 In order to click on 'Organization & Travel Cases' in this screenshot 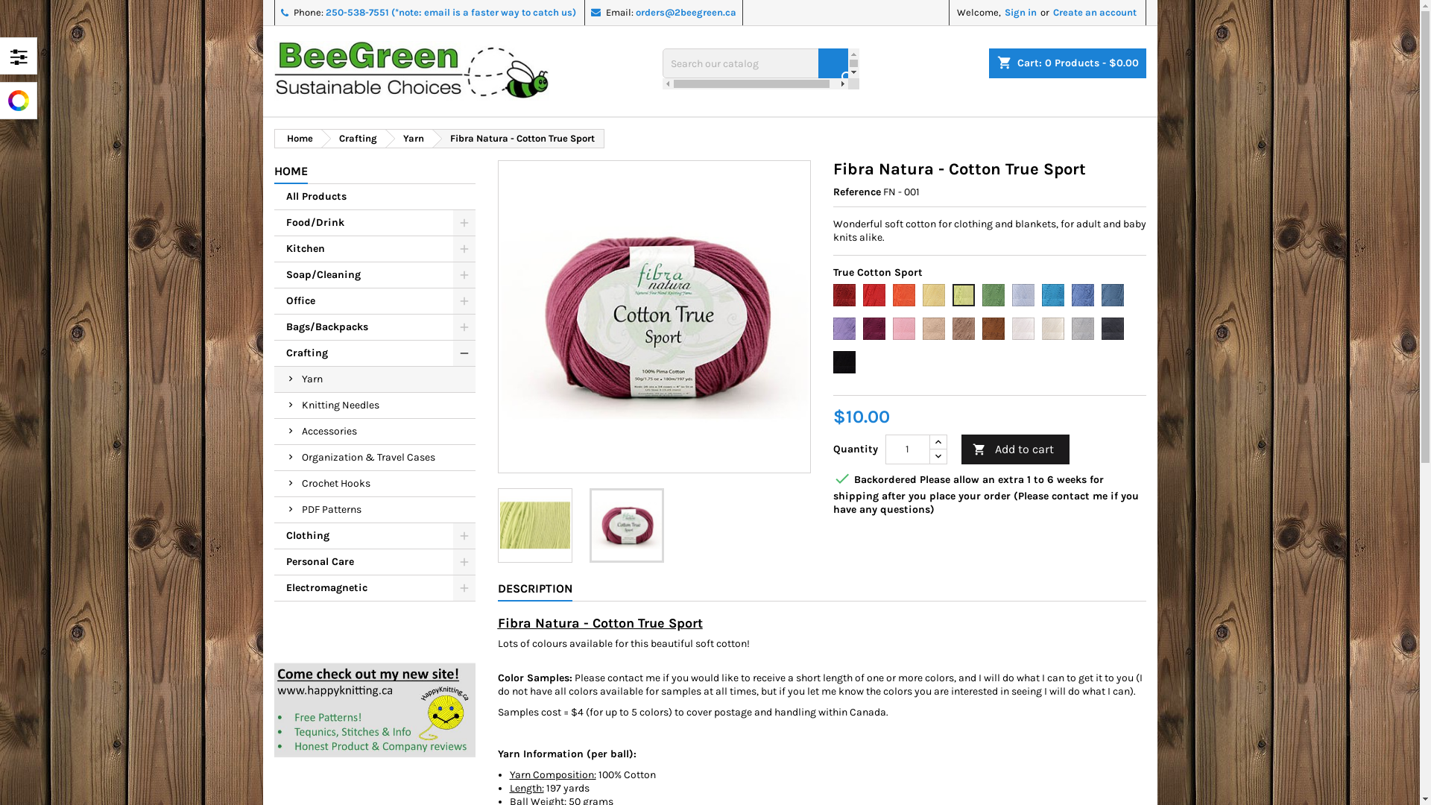, I will do `click(375, 457)`.